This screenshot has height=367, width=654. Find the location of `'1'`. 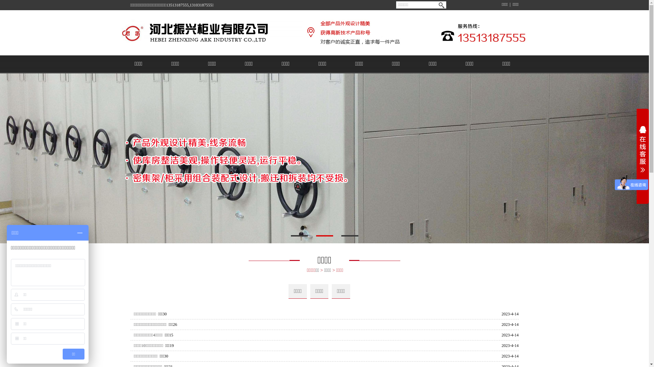

'1' is located at coordinates (299, 235).